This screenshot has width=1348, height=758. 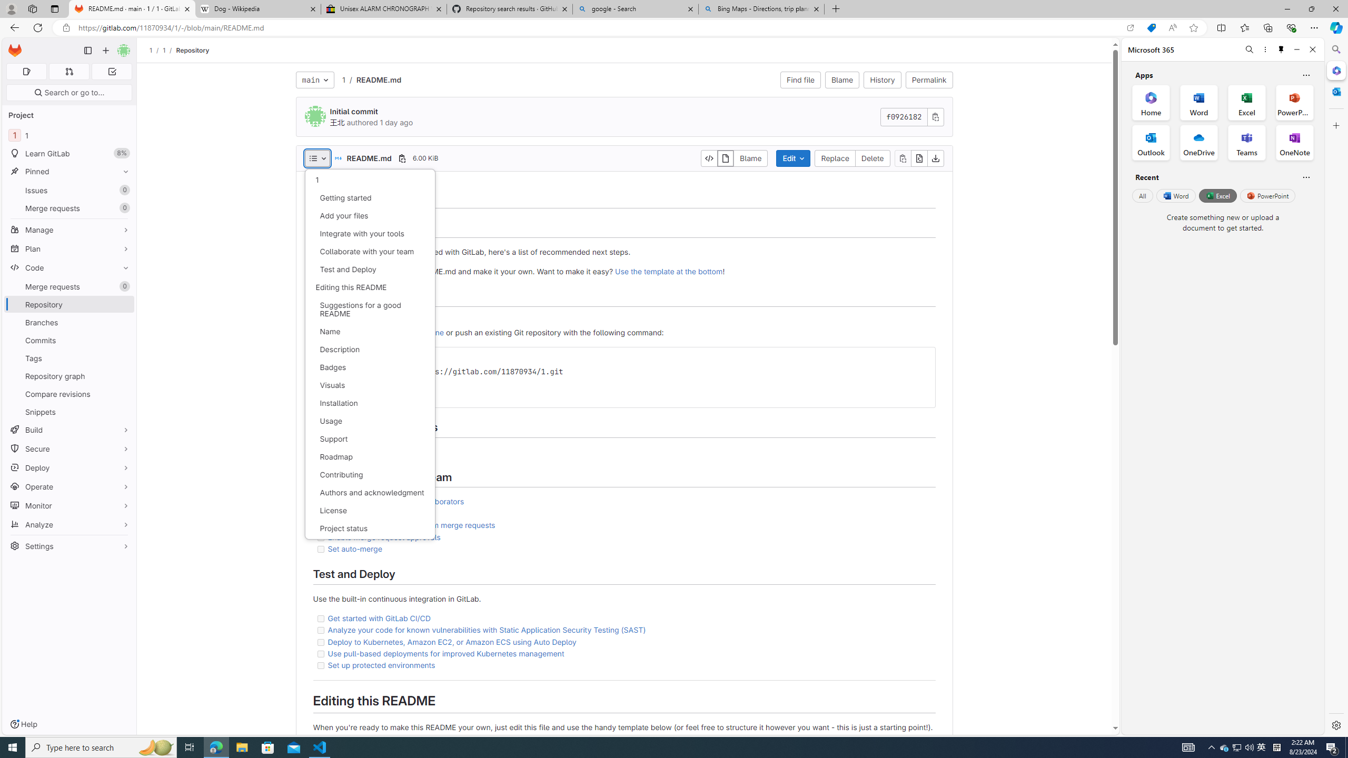 What do you see at coordinates (123, 322) in the screenshot?
I see `'Pin Branches'` at bounding box center [123, 322].